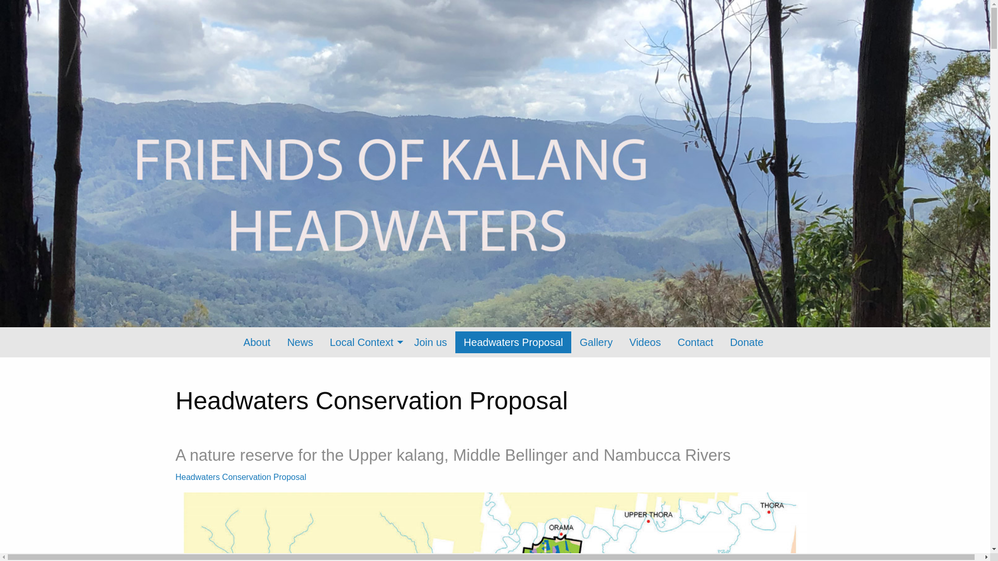 The image size is (998, 561). I want to click on 'Donate', so click(720, 342).